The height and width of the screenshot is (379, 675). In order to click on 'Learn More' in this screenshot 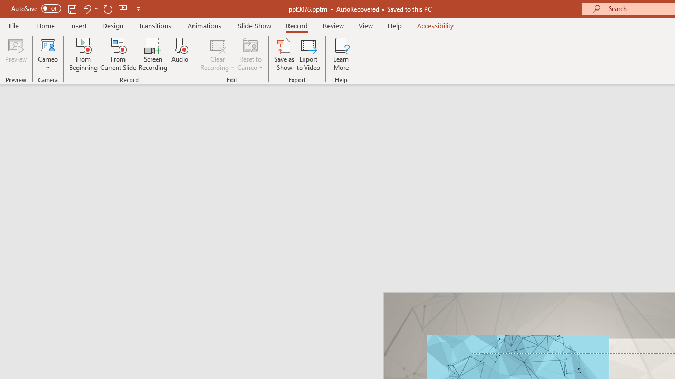, I will do `click(341, 54)`.